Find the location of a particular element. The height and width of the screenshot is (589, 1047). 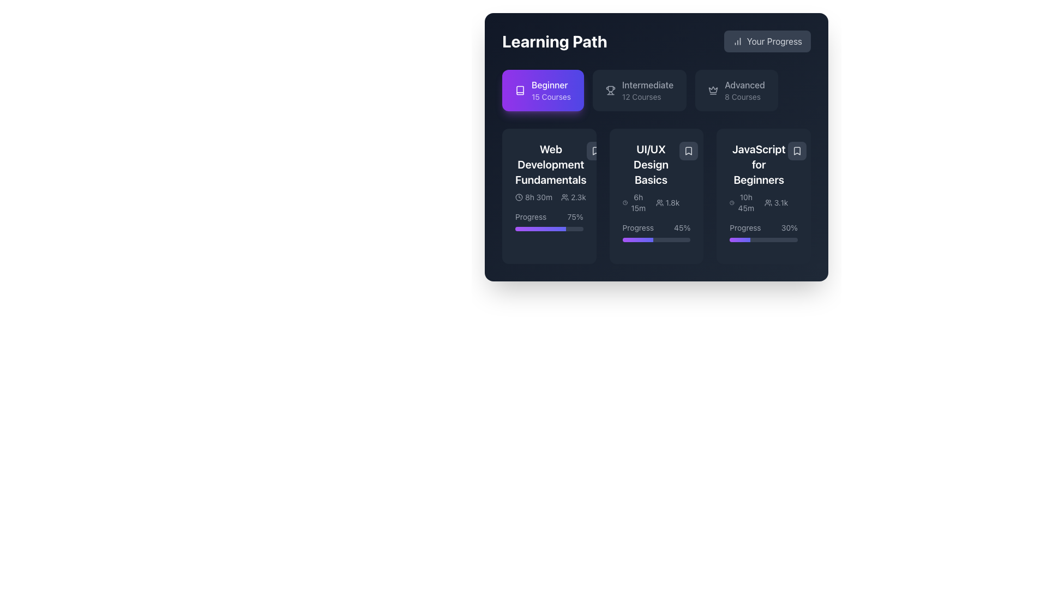

the bookmark icon button in the top-right corner of the 'UI/UX Design Basics' card is located at coordinates (688, 151).